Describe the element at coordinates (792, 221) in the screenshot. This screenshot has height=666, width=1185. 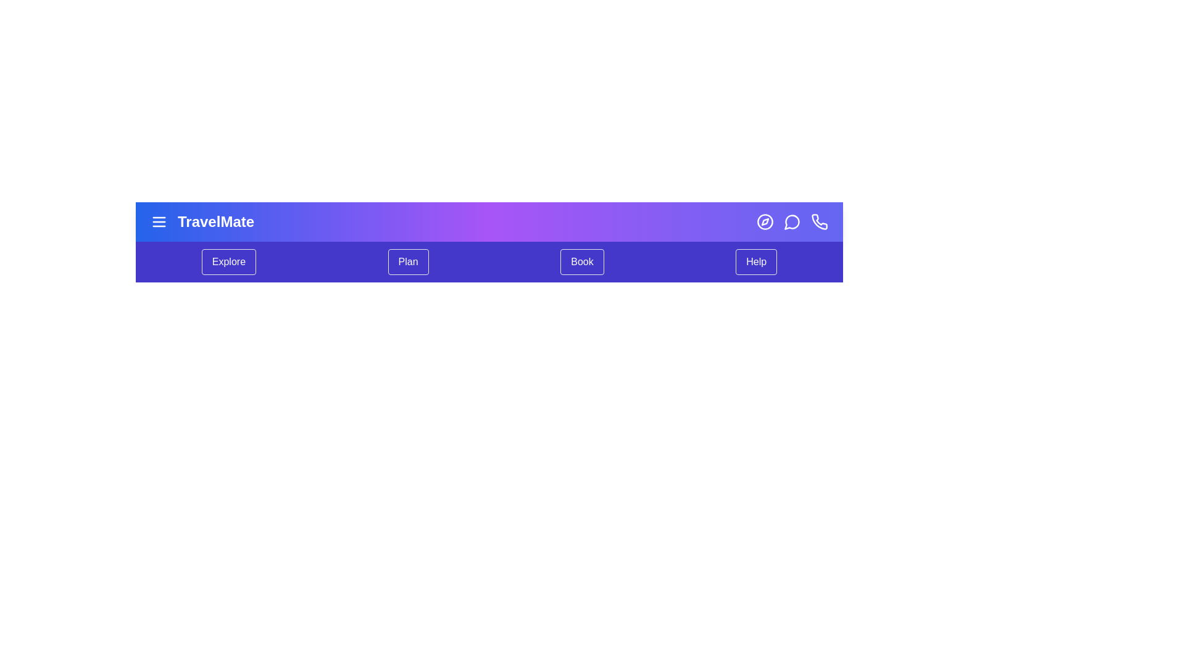
I see `the message icon in the TravelPlannerBar component` at that location.